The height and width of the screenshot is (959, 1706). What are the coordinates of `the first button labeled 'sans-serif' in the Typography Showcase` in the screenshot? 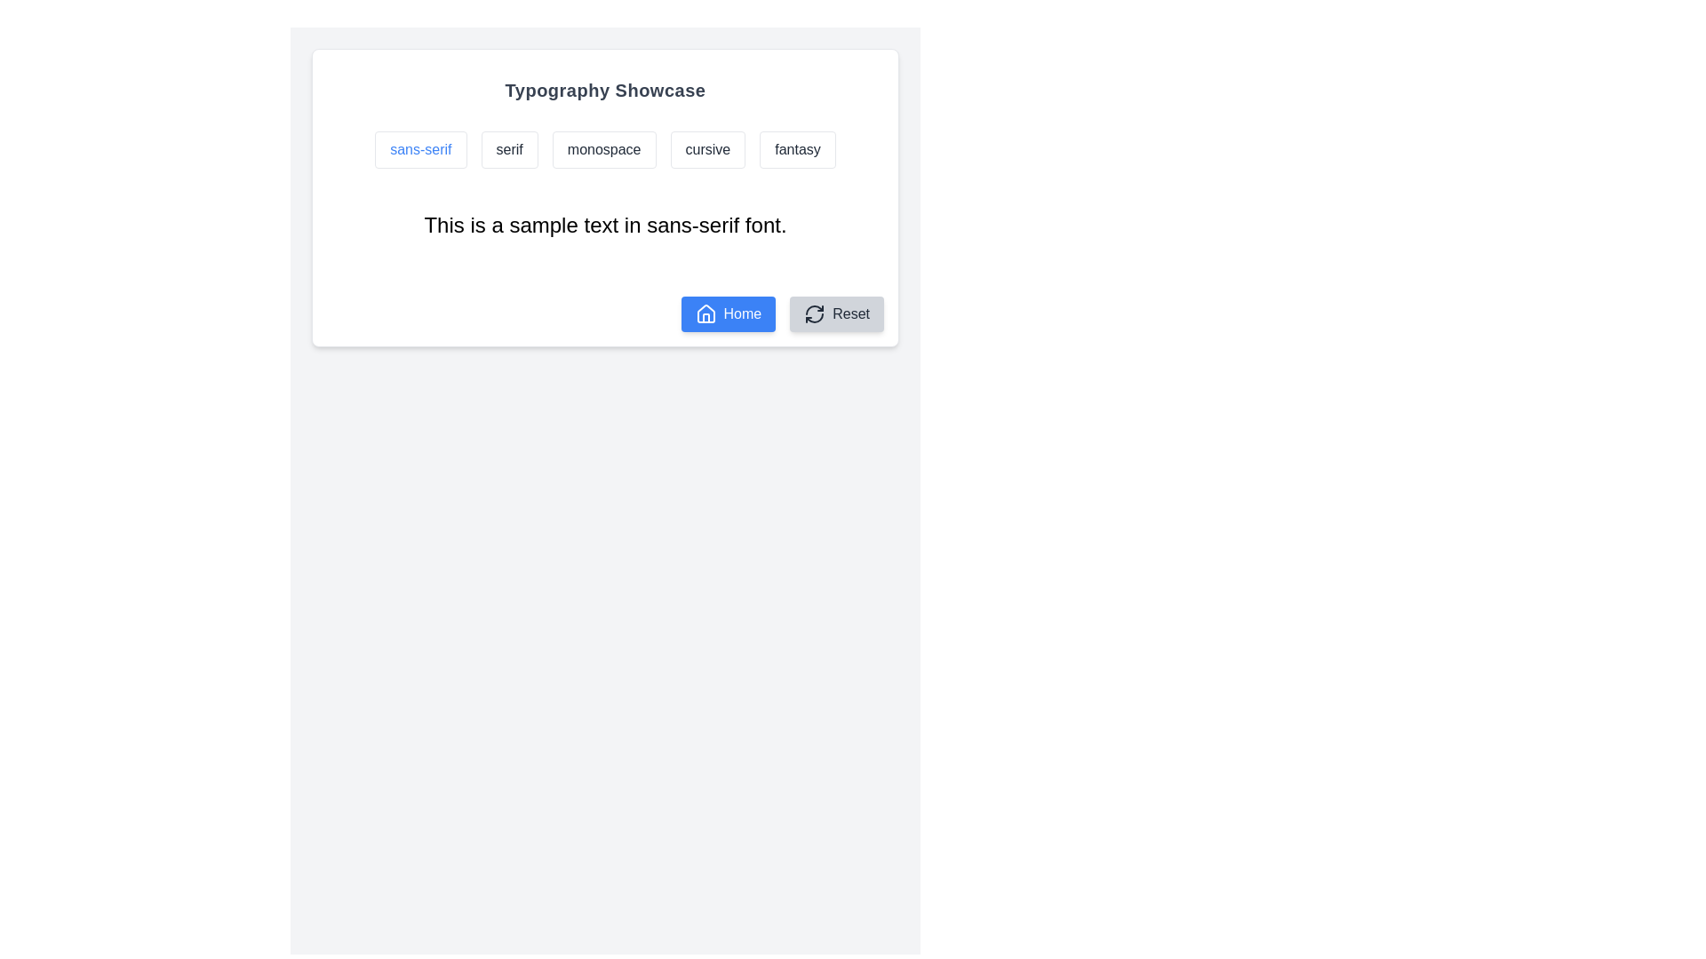 It's located at (419, 149).